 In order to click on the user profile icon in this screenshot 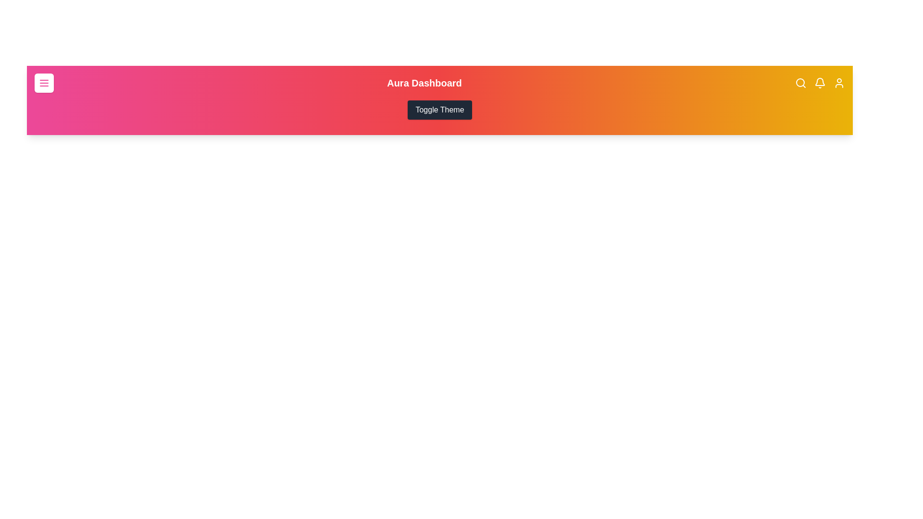, I will do `click(839, 83)`.